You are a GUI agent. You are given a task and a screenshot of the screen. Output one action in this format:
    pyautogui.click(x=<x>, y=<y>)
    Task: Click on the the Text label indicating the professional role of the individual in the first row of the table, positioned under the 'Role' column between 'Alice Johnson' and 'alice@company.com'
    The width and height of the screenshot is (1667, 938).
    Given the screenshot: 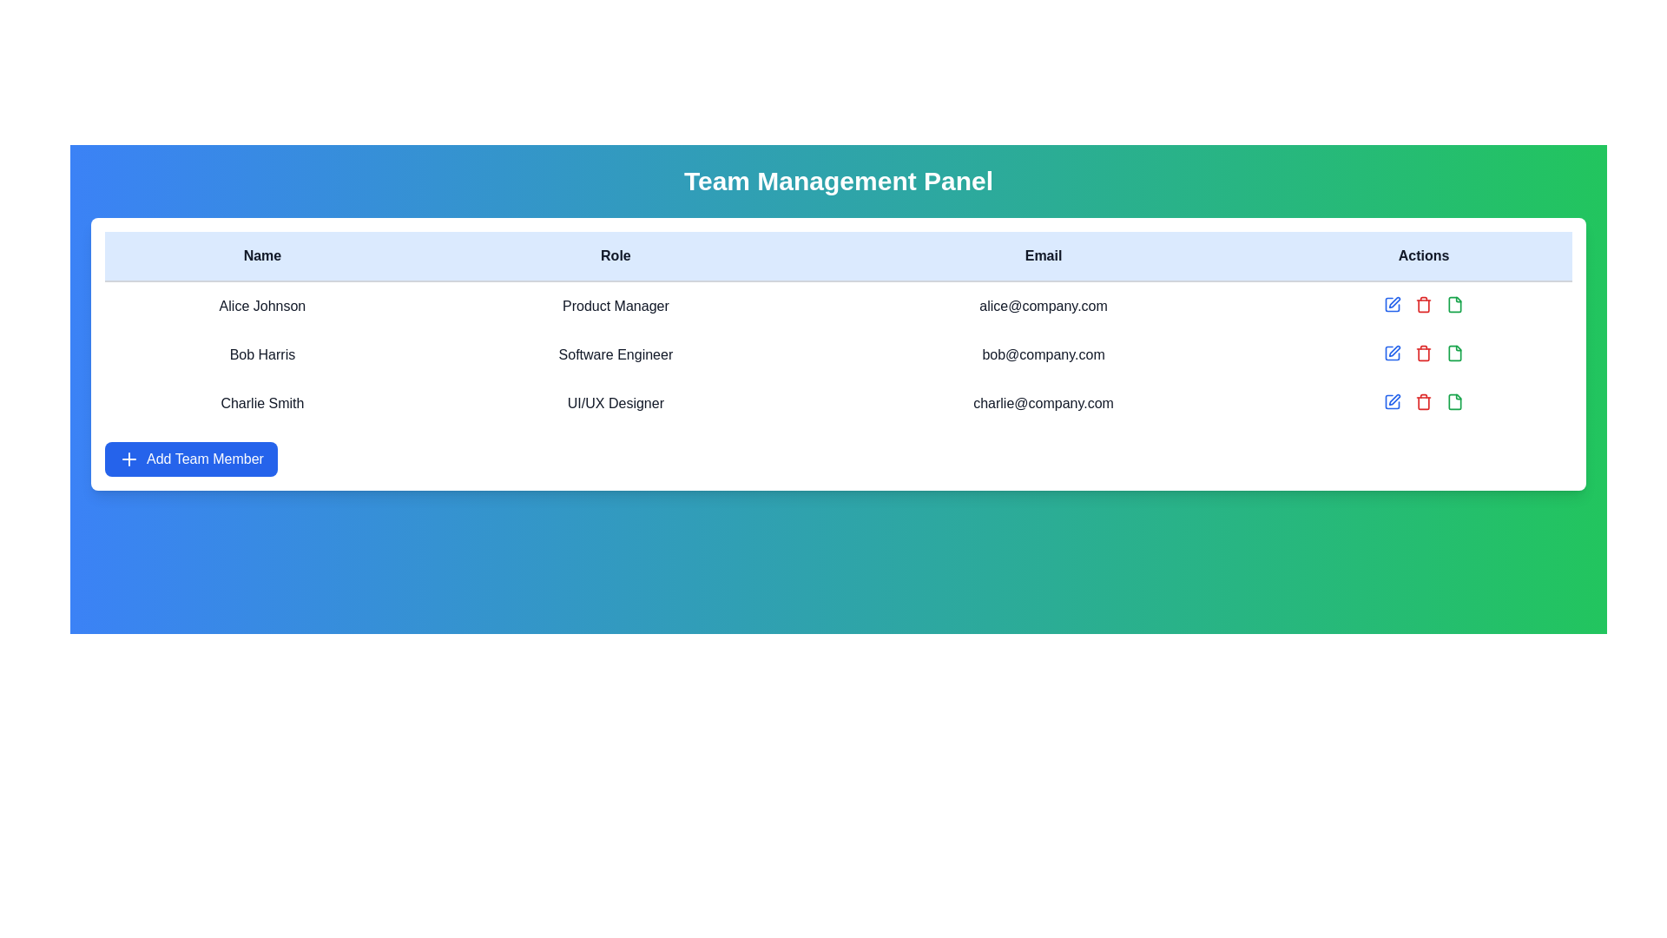 What is the action you would take?
    pyautogui.click(x=616, y=305)
    